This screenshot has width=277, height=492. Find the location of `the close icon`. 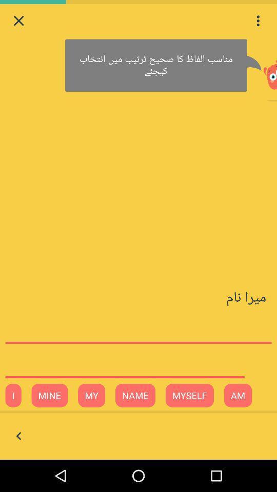

the close icon is located at coordinates (18, 22).